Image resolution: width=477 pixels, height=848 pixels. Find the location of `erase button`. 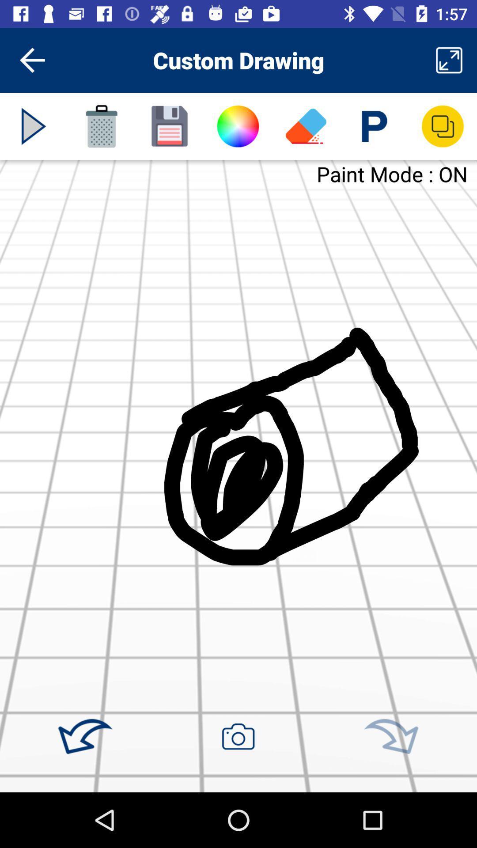

erase button is located at coordinates (306, 126).